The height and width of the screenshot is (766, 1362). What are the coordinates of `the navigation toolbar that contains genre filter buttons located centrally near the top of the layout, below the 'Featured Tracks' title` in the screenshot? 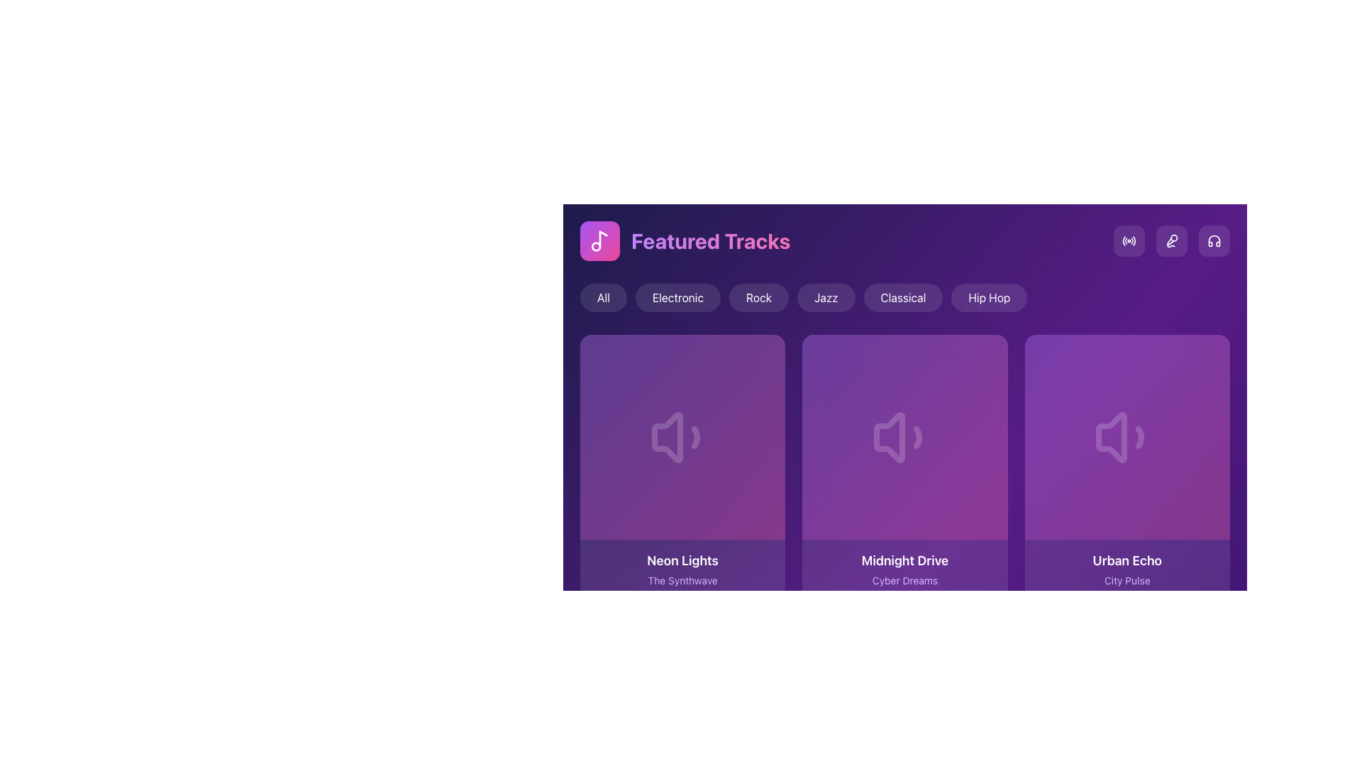 It's located at (904, 297).